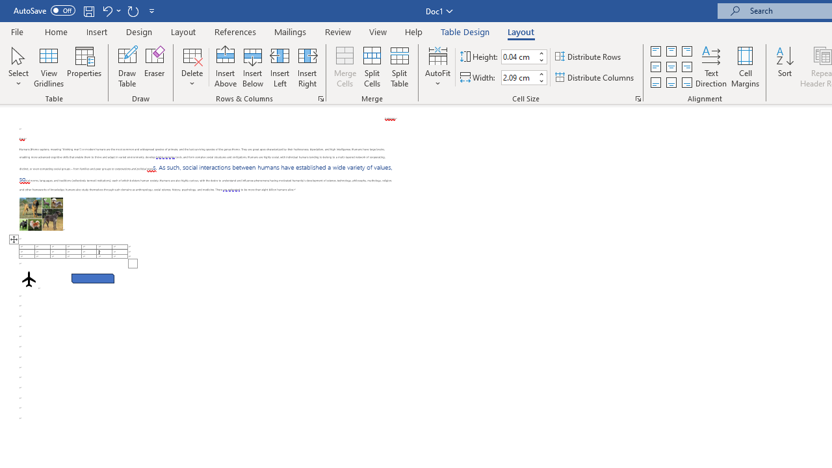 Image resolution: width=832 pixels, height=468 pixels. What do you see at coordinates (656, 83) in the screenshot?
I see `'Align Bottom Justified'` at bounding box center [656, 83].